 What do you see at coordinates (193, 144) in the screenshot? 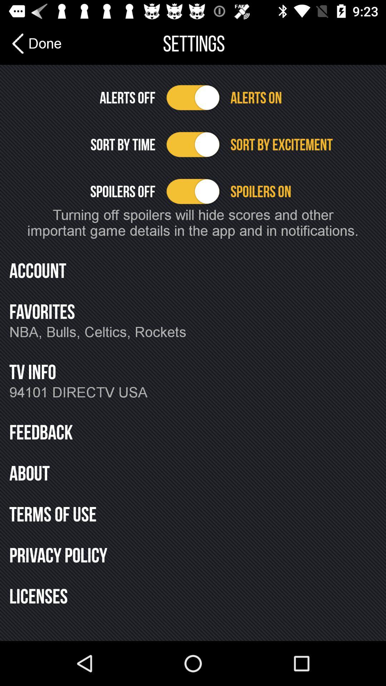
I see `sort by time/excitement` at bounding box center [193, 144].